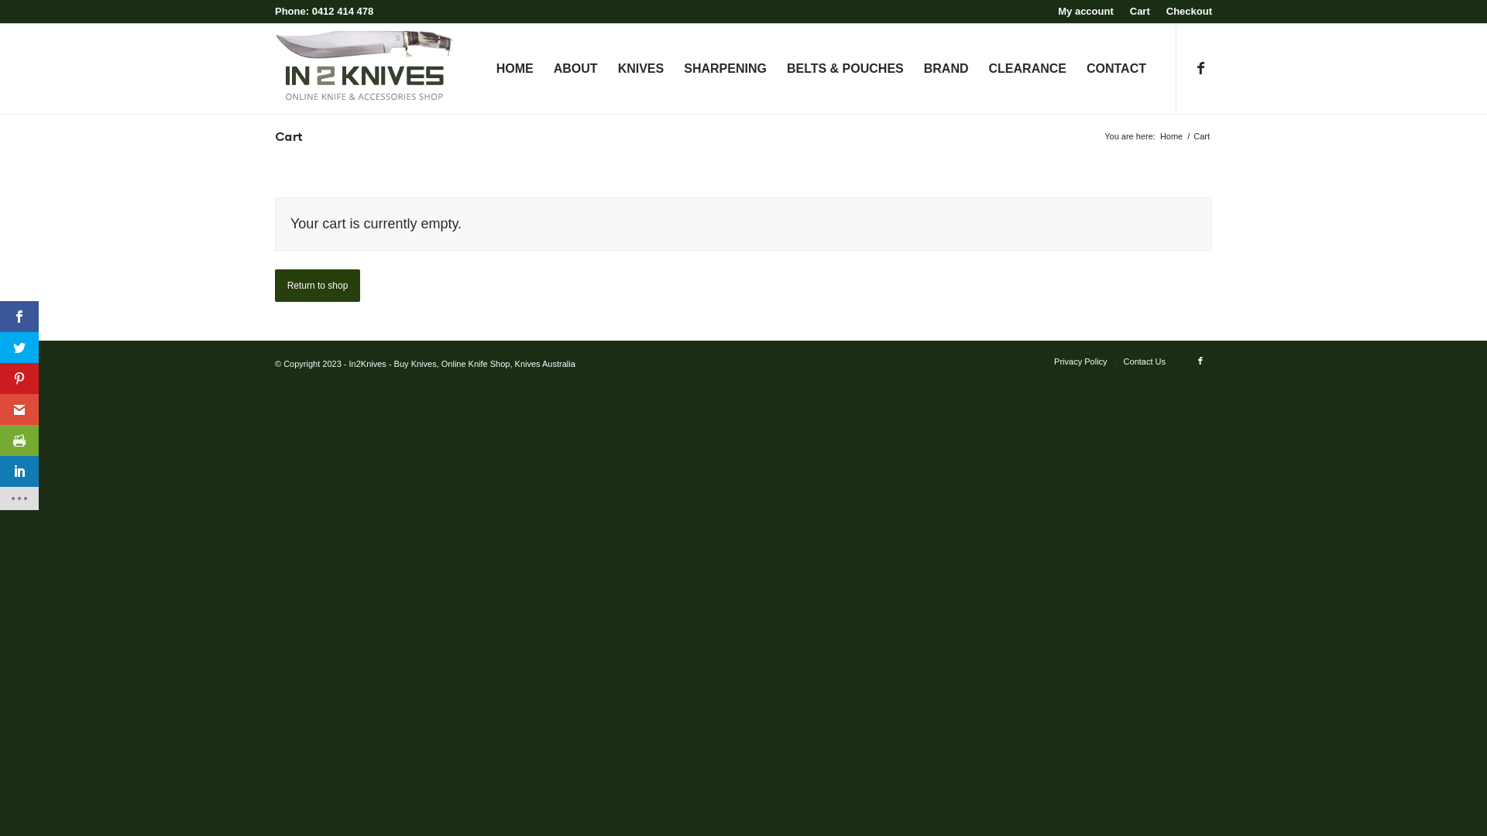 This screenshot has width=1487, height=836. Describe the element at coordinates (363, 61) in the screenshot. I see `'in2knives-logo-web'` at that location.